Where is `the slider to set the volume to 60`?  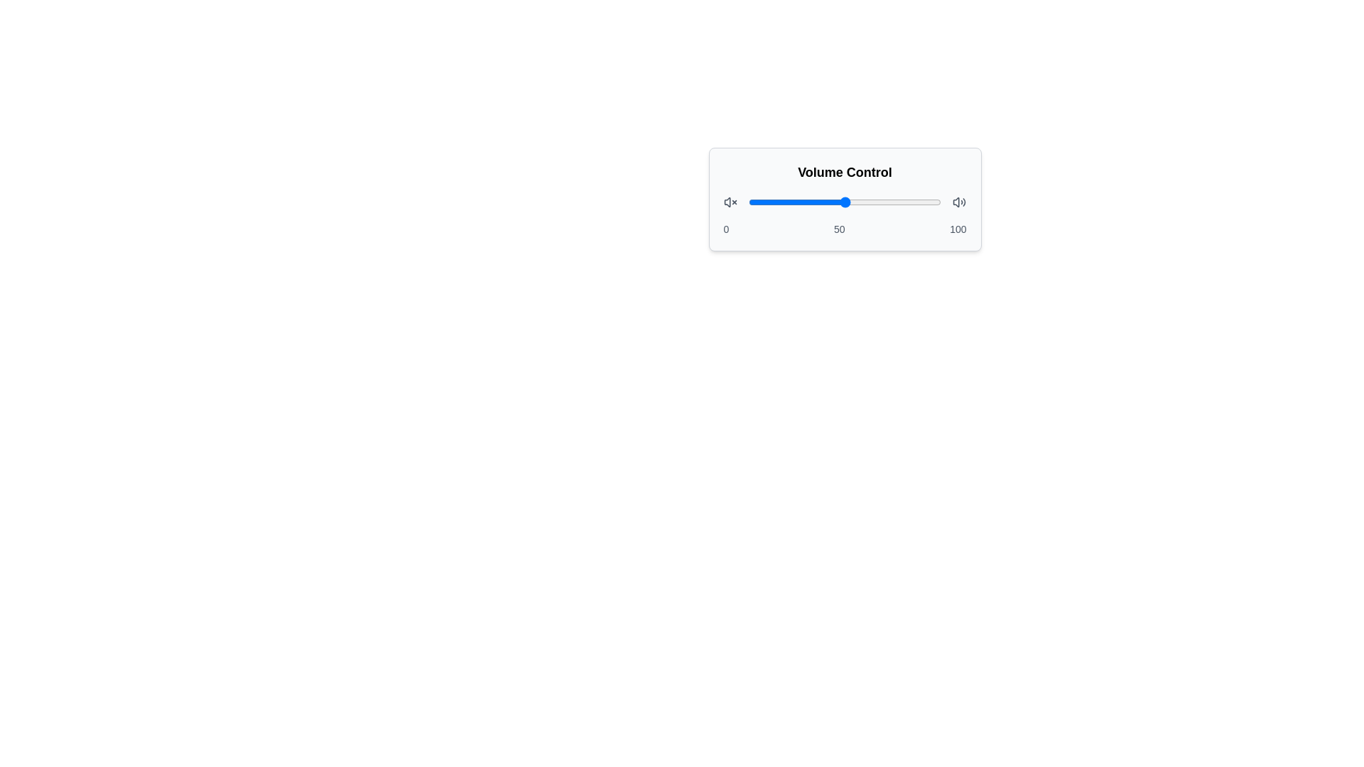 the slider to set the volume to 60 is located at coordinates (863, 202).